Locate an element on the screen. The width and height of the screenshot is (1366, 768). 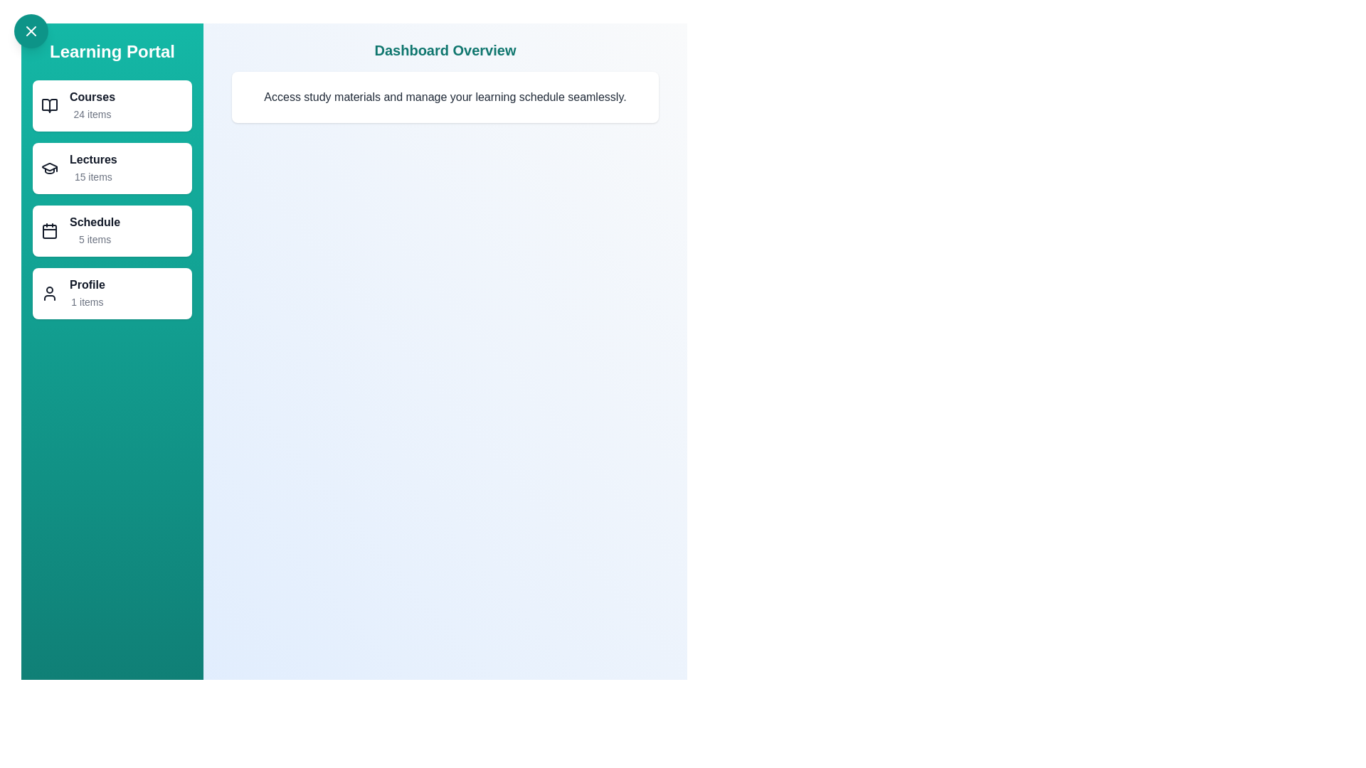
the Lectures category to navigate to its details is located at coordinates (112, 167).